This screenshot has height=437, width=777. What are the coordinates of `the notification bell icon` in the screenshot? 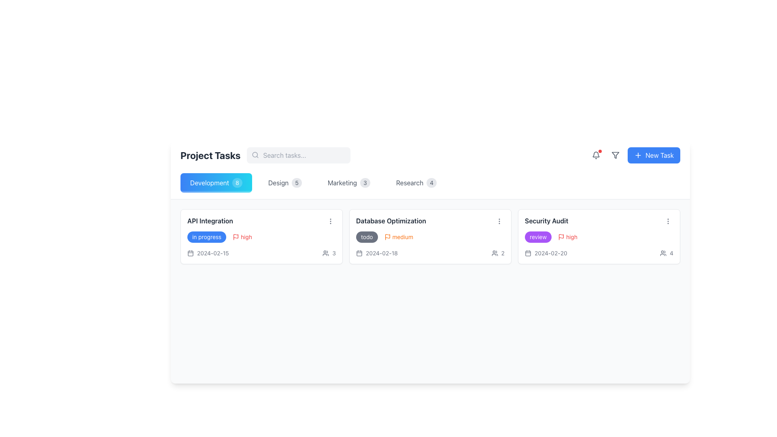 It's located at (596, 155).